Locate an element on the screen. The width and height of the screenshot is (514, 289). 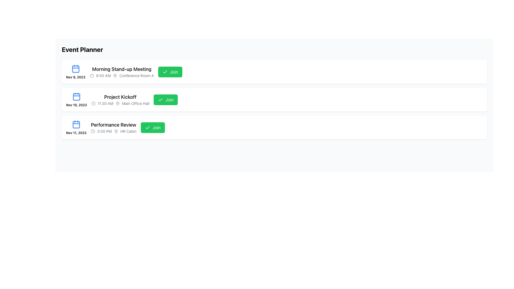
the green 'Join' button with a checkmark icon located to the right of the 'Morning Stand-up Meeting' event entry to join the meeting is located at coordinates (170, 72).